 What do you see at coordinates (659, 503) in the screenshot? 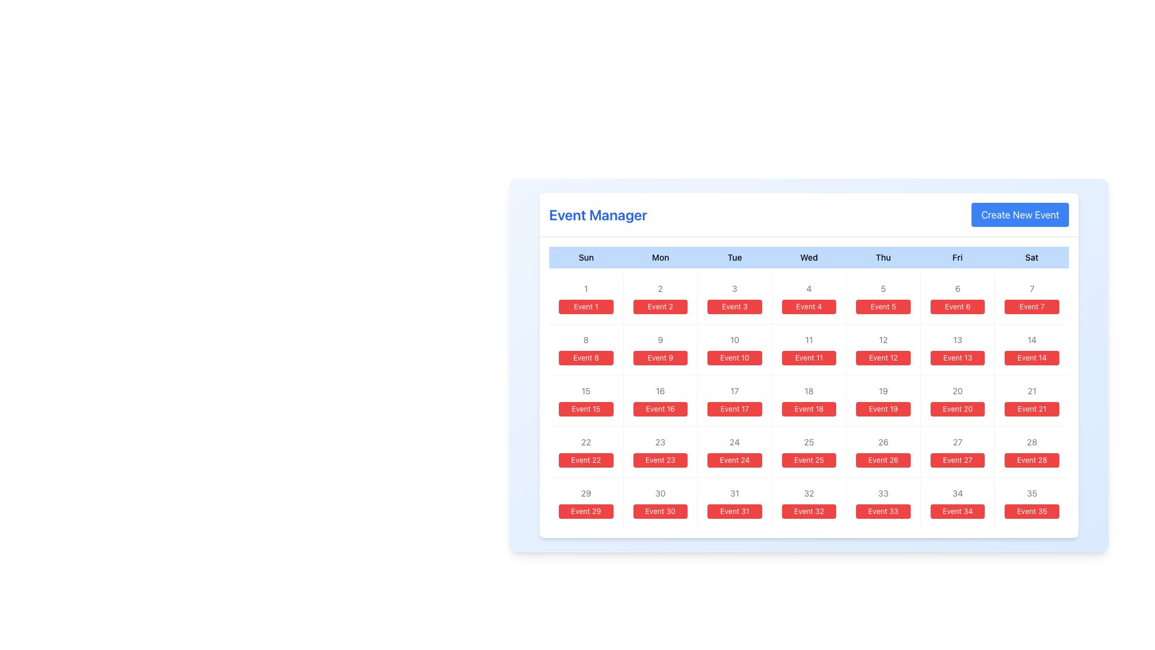
I see `the calendar cell representing the 30th day of the month to edit event details for 'Event 30.'` at bounding box center [659, 503].